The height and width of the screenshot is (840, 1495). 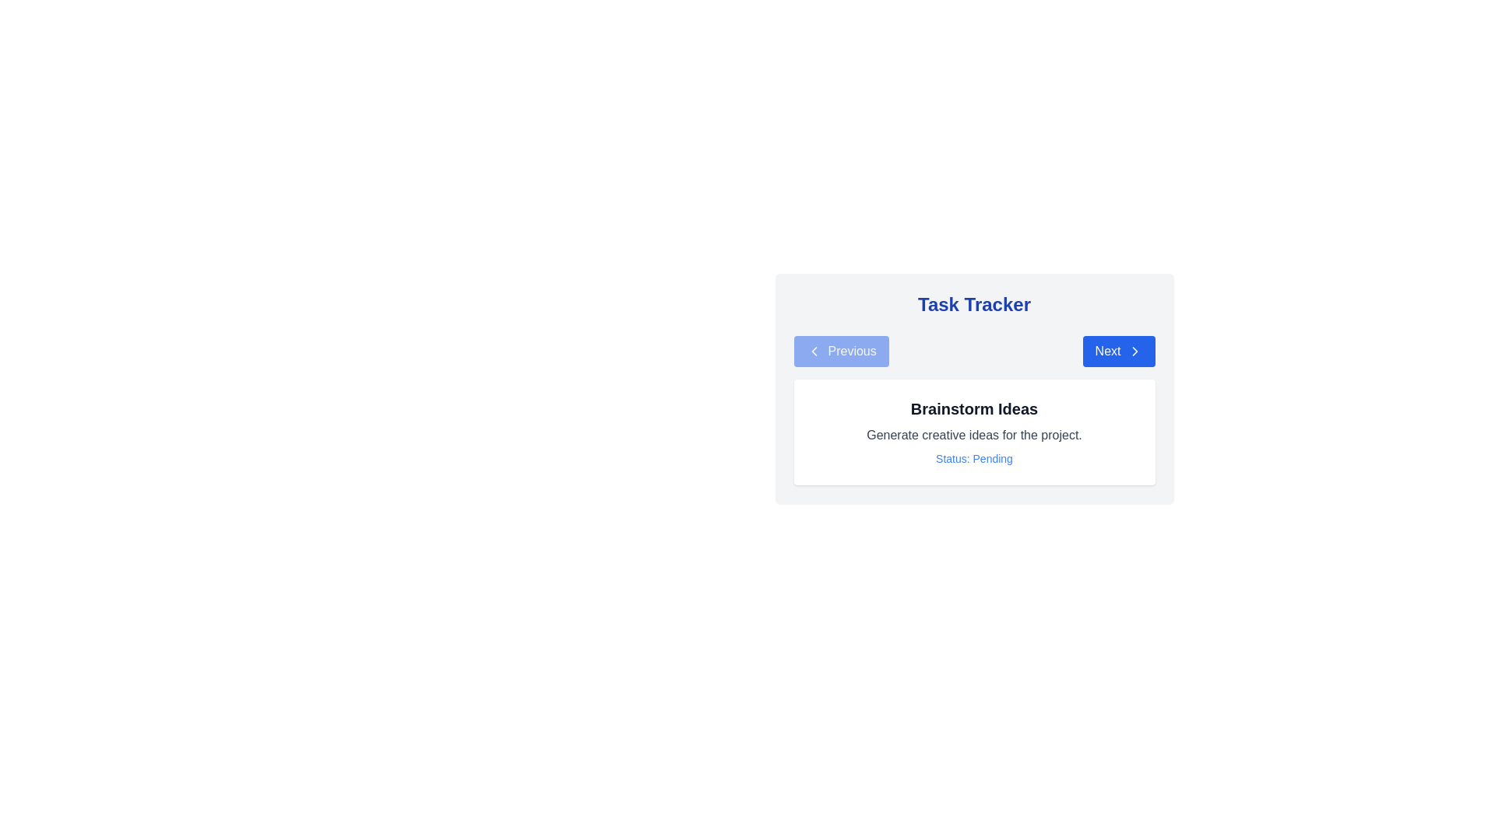 I want to click on the 'Next' button that contains the right-facing chevron icon, which is located on the right side of the horizontal layout beneath the title 'Task Tracker', so click(x=1134, y=351).